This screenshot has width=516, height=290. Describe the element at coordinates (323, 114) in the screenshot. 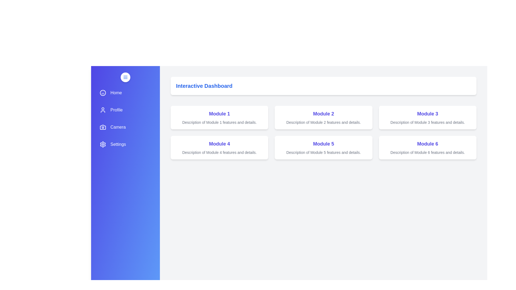

I see `the Text Label displaying 'Module 2', which is styled in a large bold indigo font and is positioned prominently above a description section within a white card layout` at that location.